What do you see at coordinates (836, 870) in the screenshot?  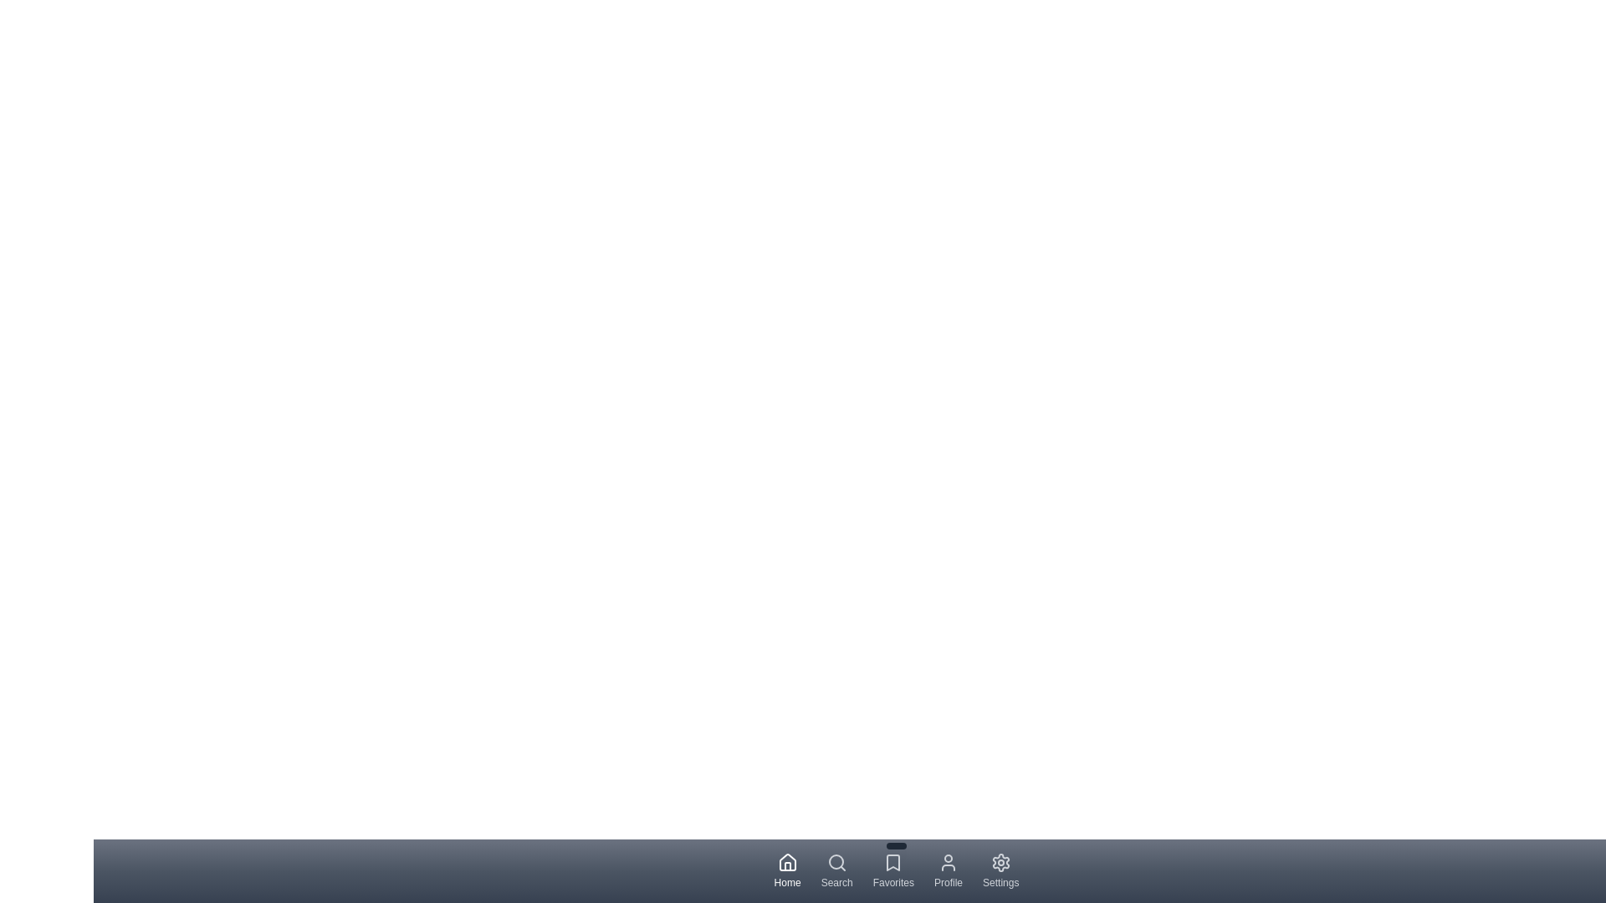 I see `the Search tab to navigate to its respective section` at bounding box center [836, 870].